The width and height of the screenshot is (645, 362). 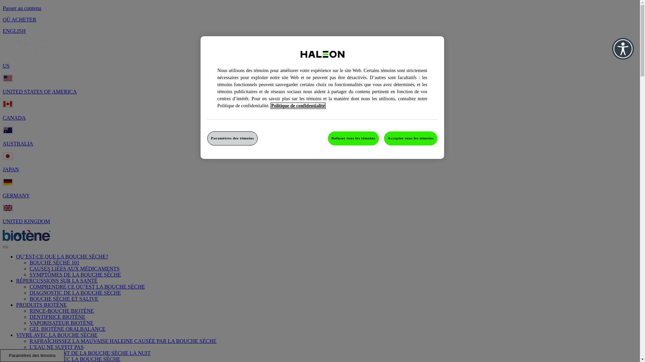 What do you see at coordinates (8, 207) in the screenshot?
I see `'United Kingdom Flag'` at bounding box center [8, 207].